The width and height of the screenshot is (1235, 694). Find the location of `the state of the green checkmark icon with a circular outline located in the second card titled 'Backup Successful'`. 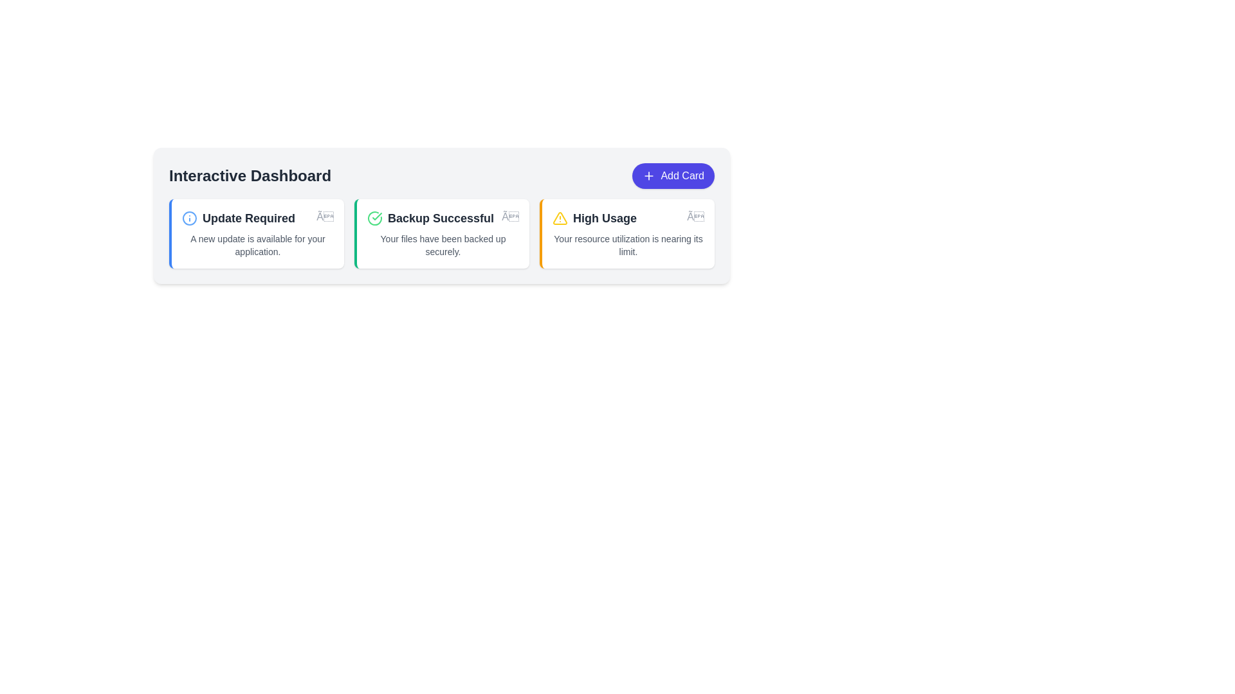

the state of the green checkmark icon with a circular outline located in the second card titled 'Backup Successful' is located at coordinates (374, 217).